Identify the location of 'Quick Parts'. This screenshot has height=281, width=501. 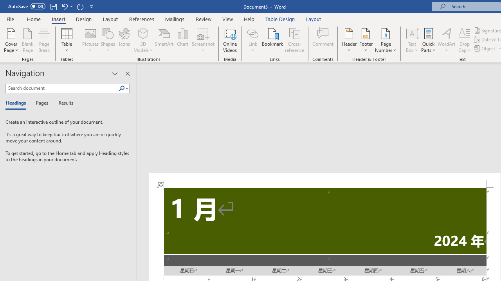
(428, 40).